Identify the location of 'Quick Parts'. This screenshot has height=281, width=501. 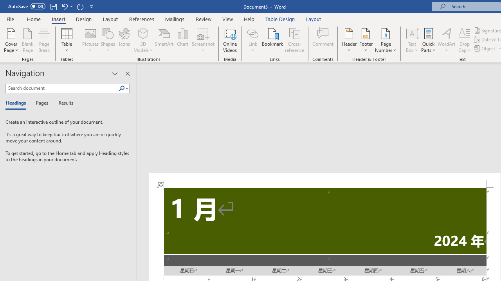
(428, 40).